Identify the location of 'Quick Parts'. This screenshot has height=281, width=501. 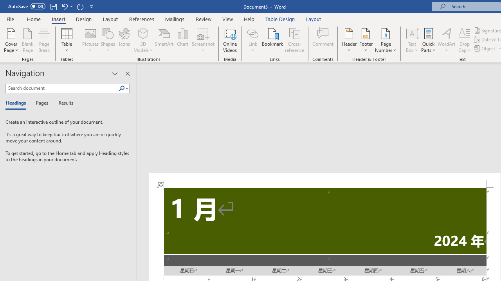
(428, 40).